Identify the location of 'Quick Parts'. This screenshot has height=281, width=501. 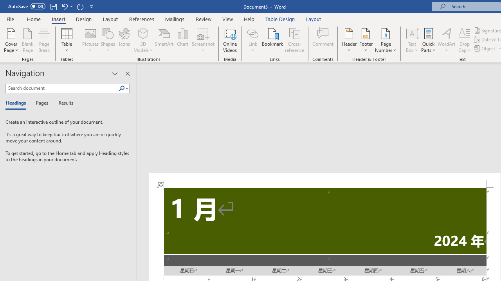
(428, 40).